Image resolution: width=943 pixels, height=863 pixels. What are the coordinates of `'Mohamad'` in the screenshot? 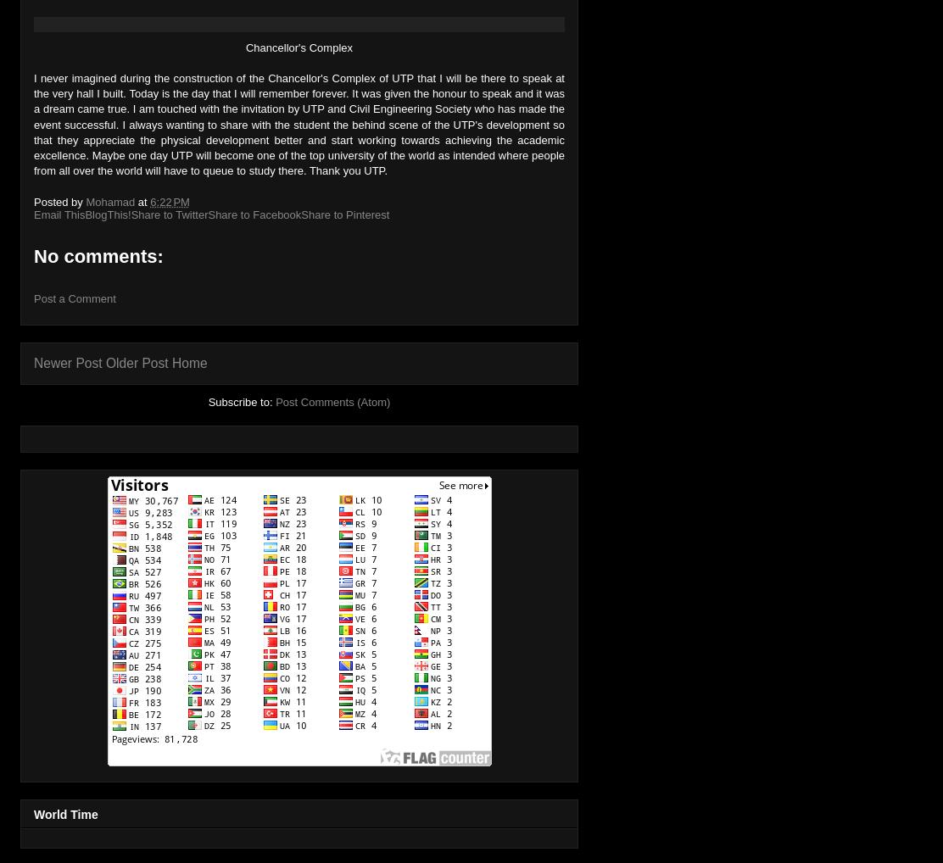 It's located at (110, 200).